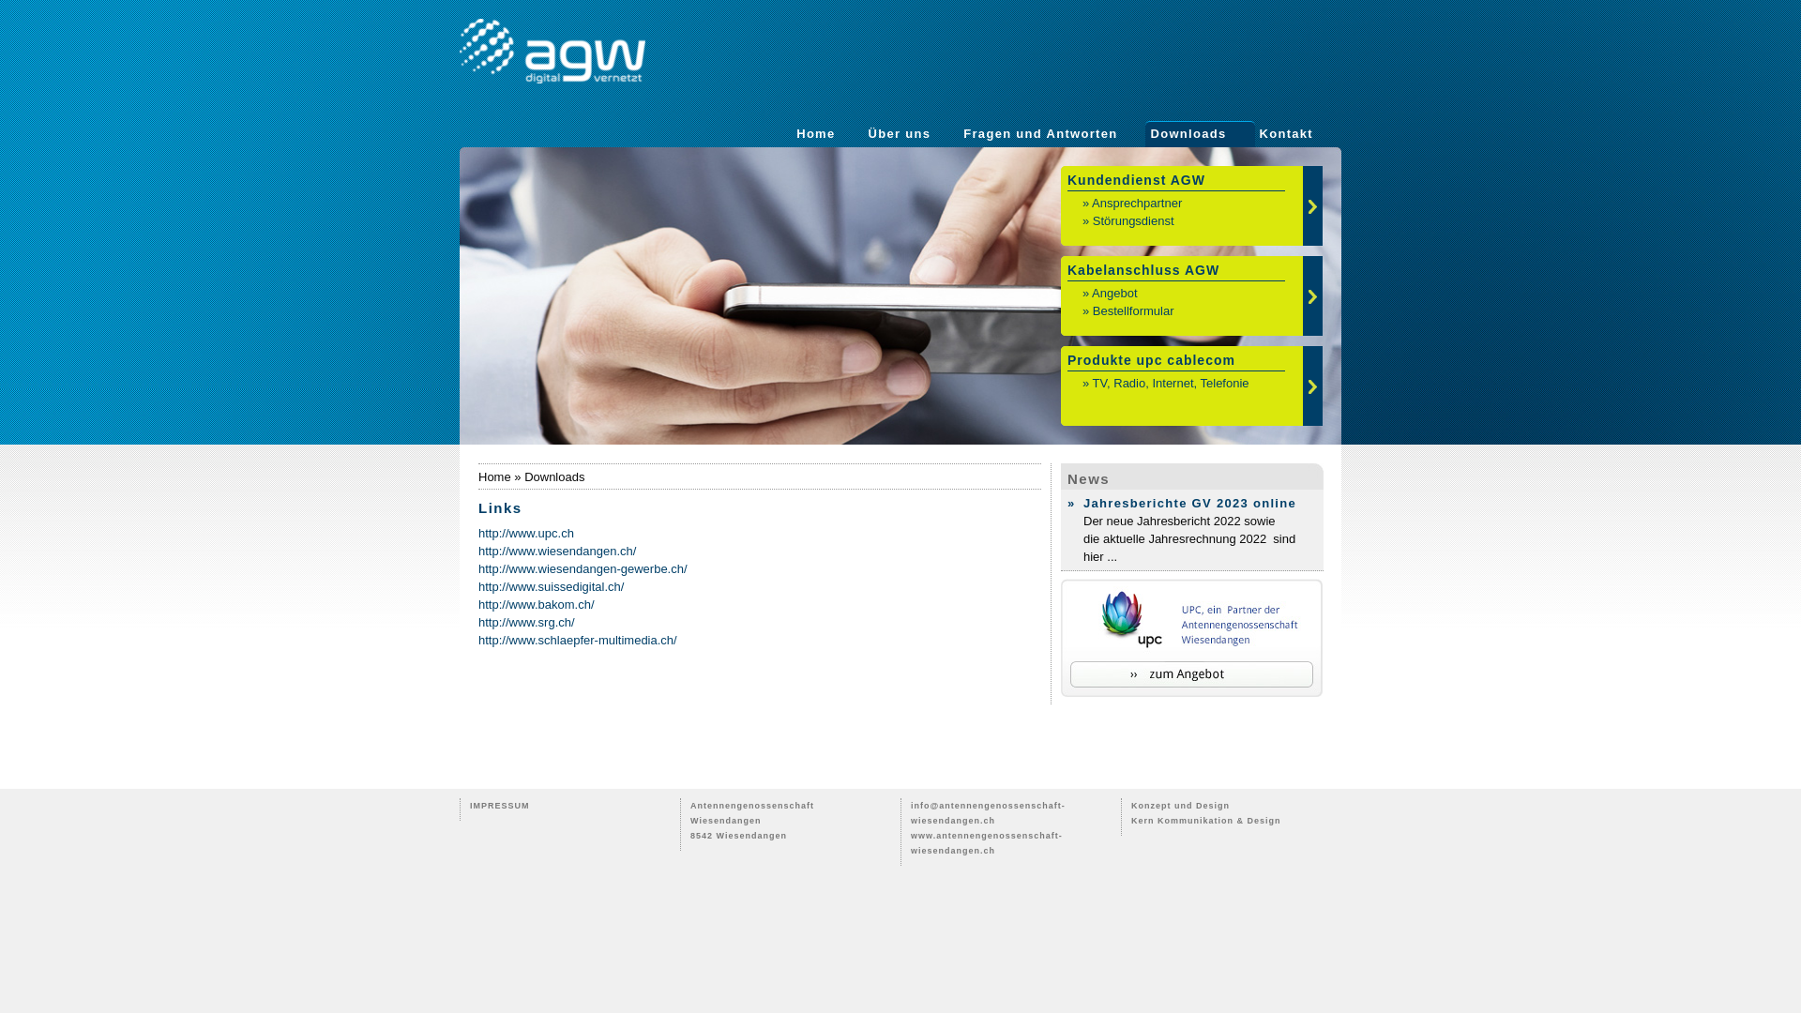 The height and width of the screenshot is (1013, 1801). Describe the element at coordinates (525, 622) in the screenshot. I see `'http://www.srg.ch/'` at that location.